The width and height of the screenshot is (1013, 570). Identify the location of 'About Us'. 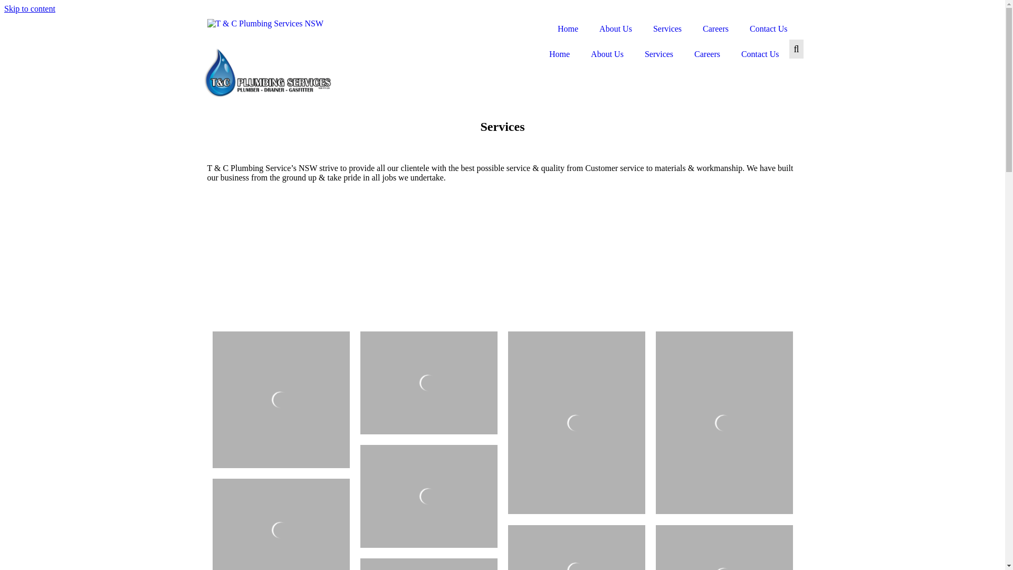
(588, 28).